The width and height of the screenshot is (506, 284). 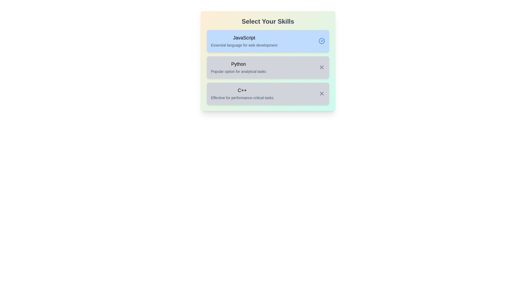 What do you see at coordinates (268, 67) in the screenshot?
I see `the skill item Python to observe the hover effect` at bounding box center [268, 67].